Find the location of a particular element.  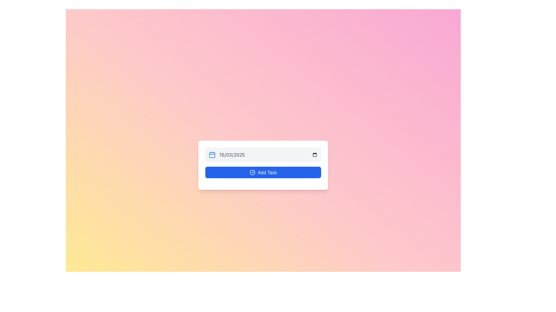

the date selection icon located to the left of the date input field is located at coordinates (212, 155).